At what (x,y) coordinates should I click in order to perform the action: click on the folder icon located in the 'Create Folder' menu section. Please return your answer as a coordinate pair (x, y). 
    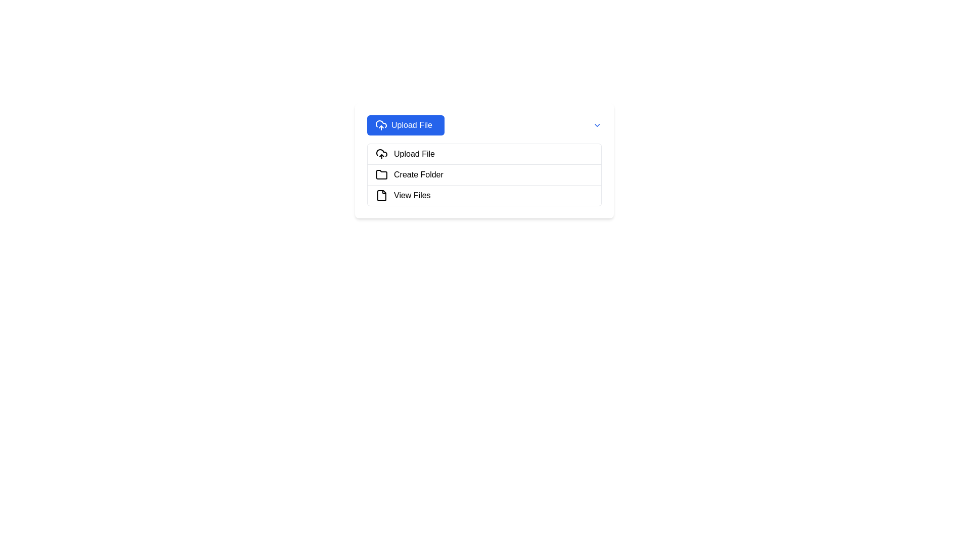
    Looking at the image, I should click on (381, 174).